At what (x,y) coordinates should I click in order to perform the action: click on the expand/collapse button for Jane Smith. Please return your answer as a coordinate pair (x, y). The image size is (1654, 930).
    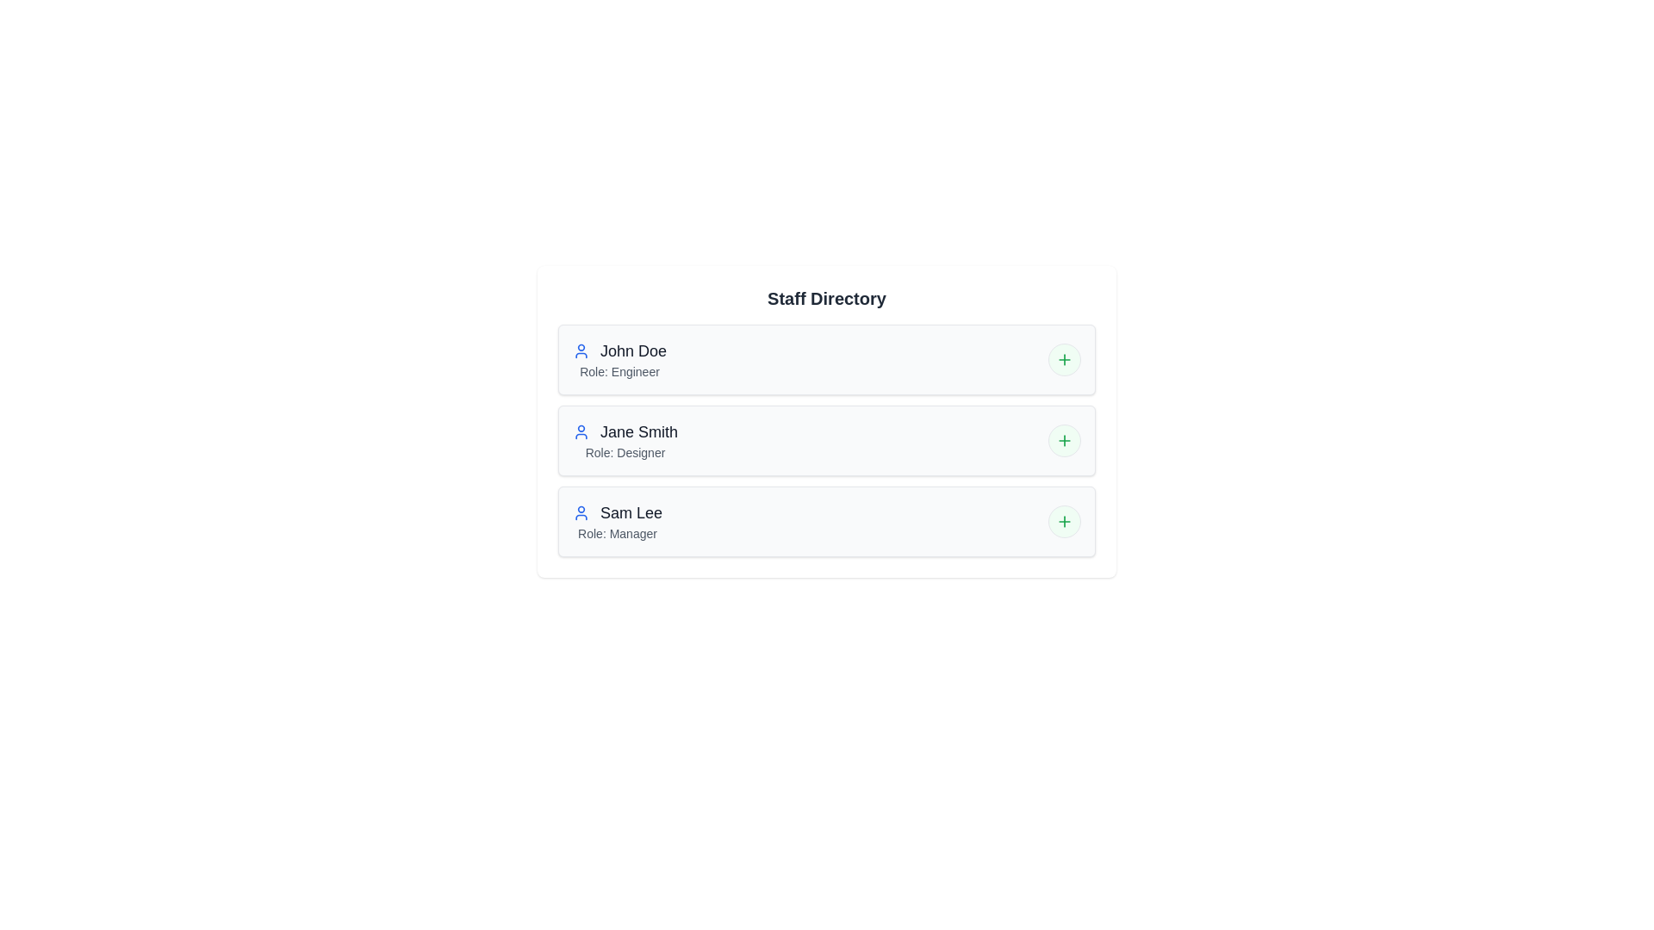
    Looking at the image, I should click on (1064, 440).